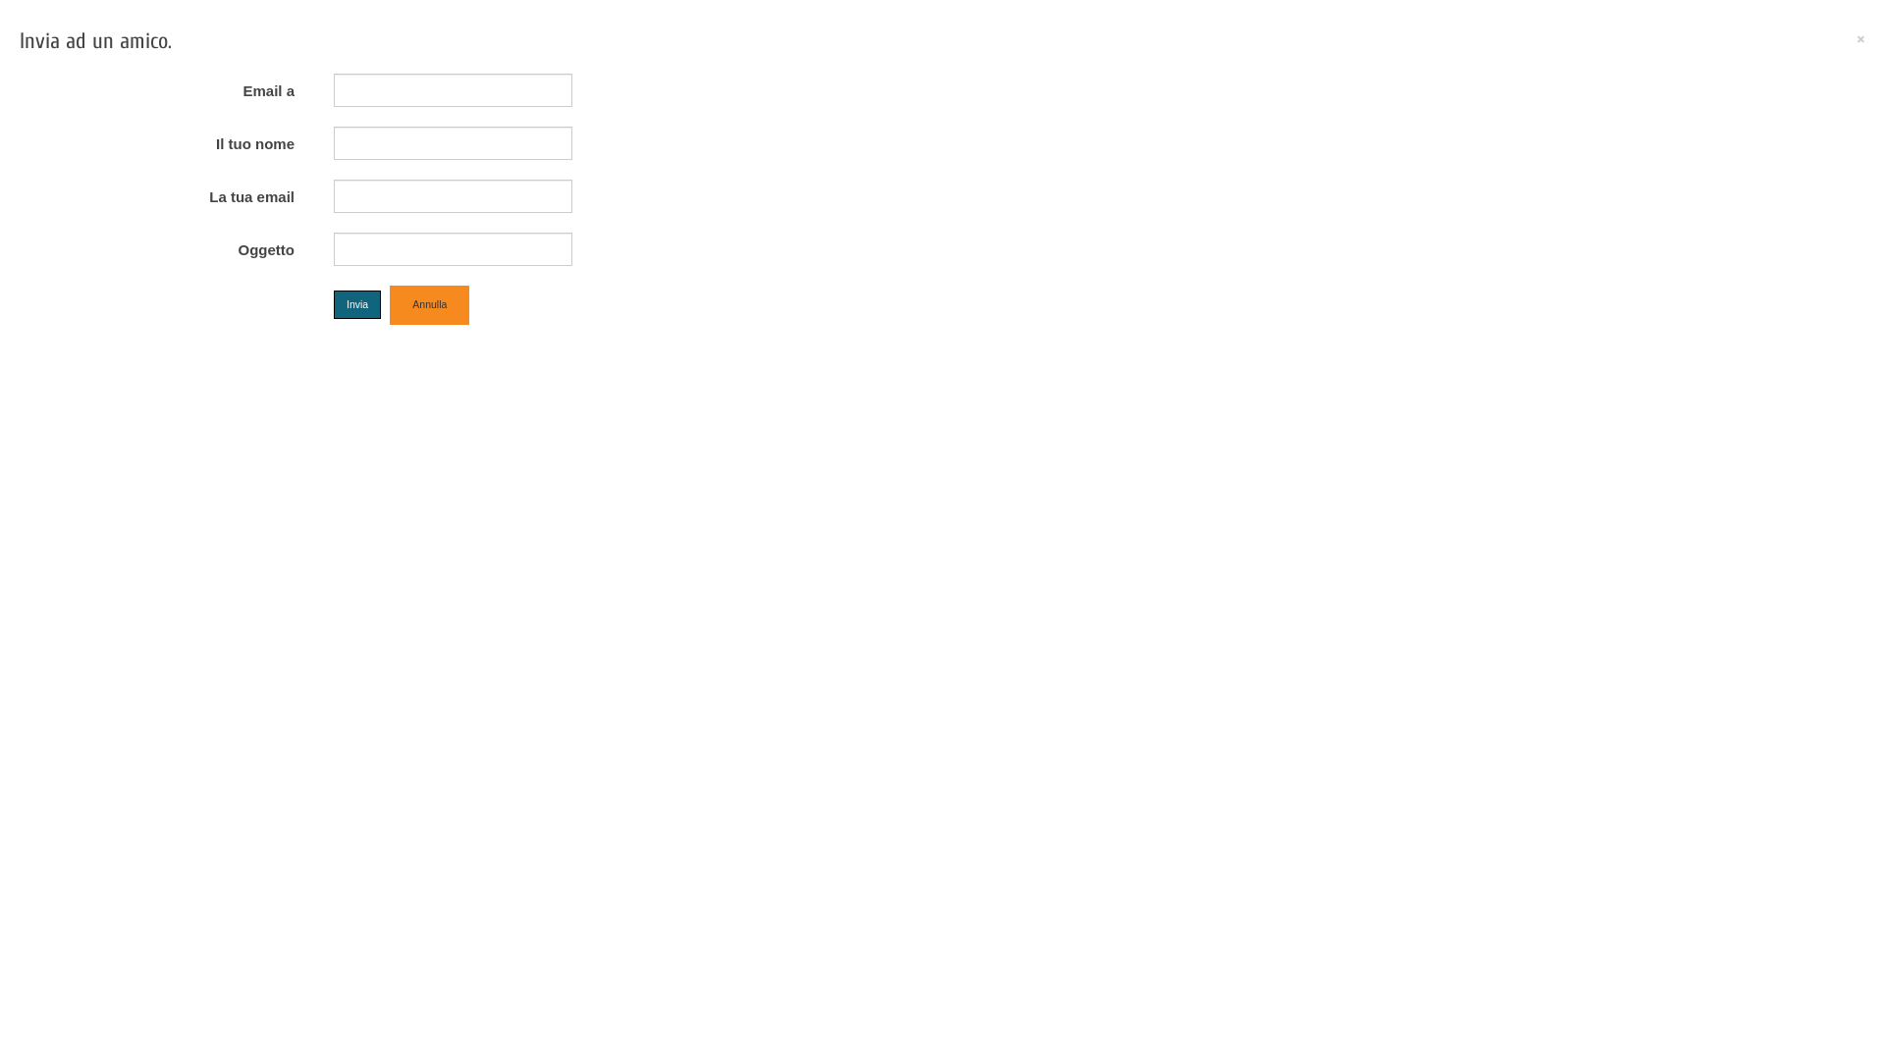 The image size is (1885, 1060). Describe the element at coordinates (428, 305) in the screenshot. I see `'Annulla'` at that location.